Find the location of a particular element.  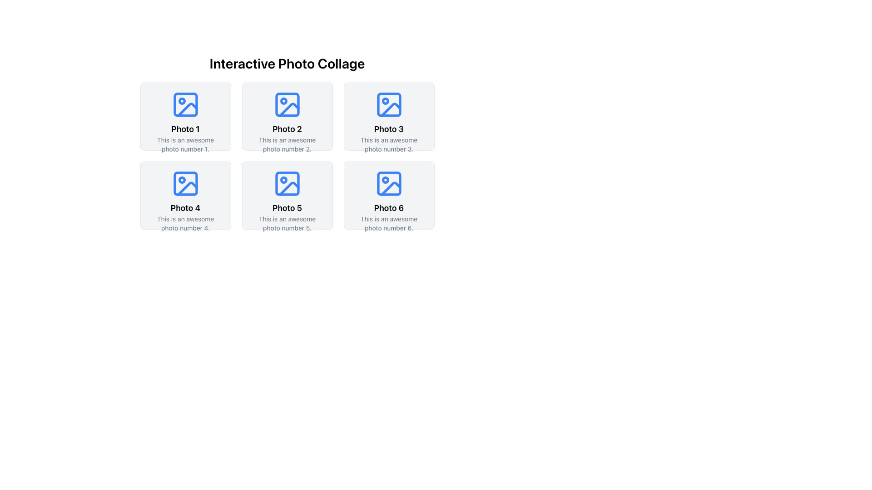

text label located in the fourth item of a six-item grid, which serves as a descriptive title for the associated photo, positioned below an image icon and above descriptive text is located at coordinates (185, 208).